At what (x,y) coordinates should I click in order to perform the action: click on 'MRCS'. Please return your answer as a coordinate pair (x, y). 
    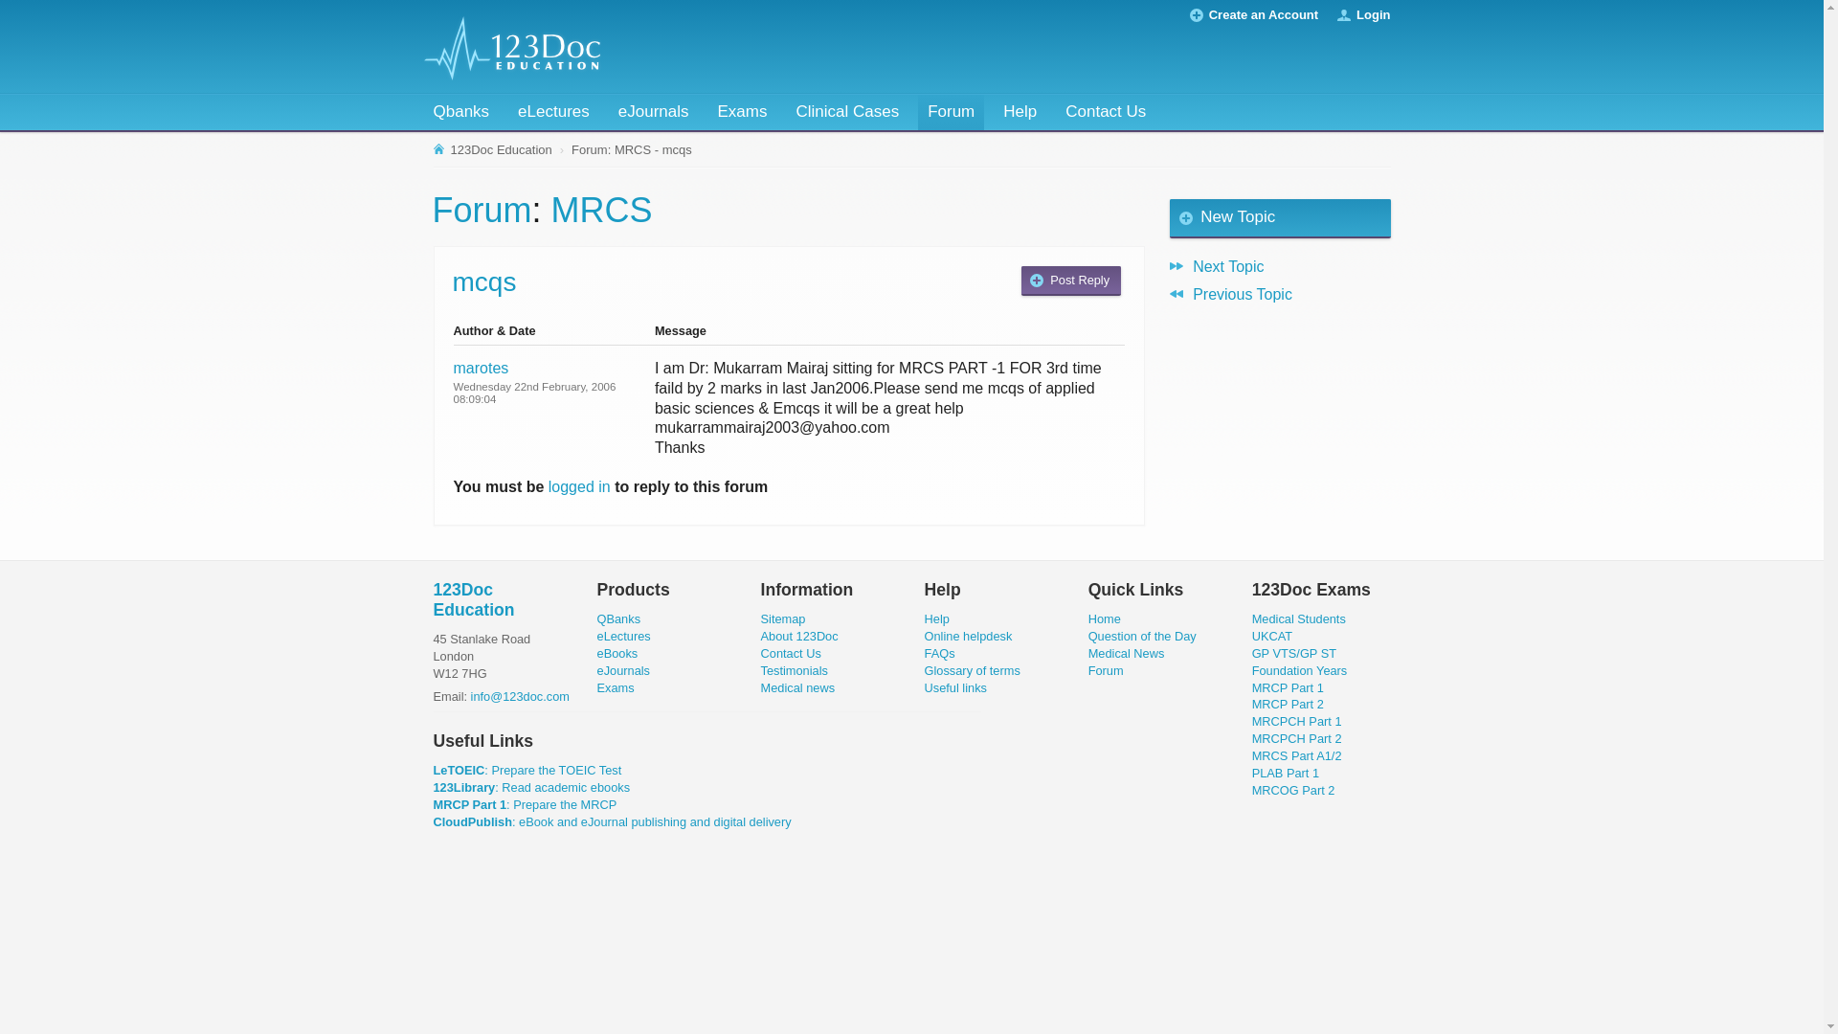
    Looking at the image, I should click on (600, 210).